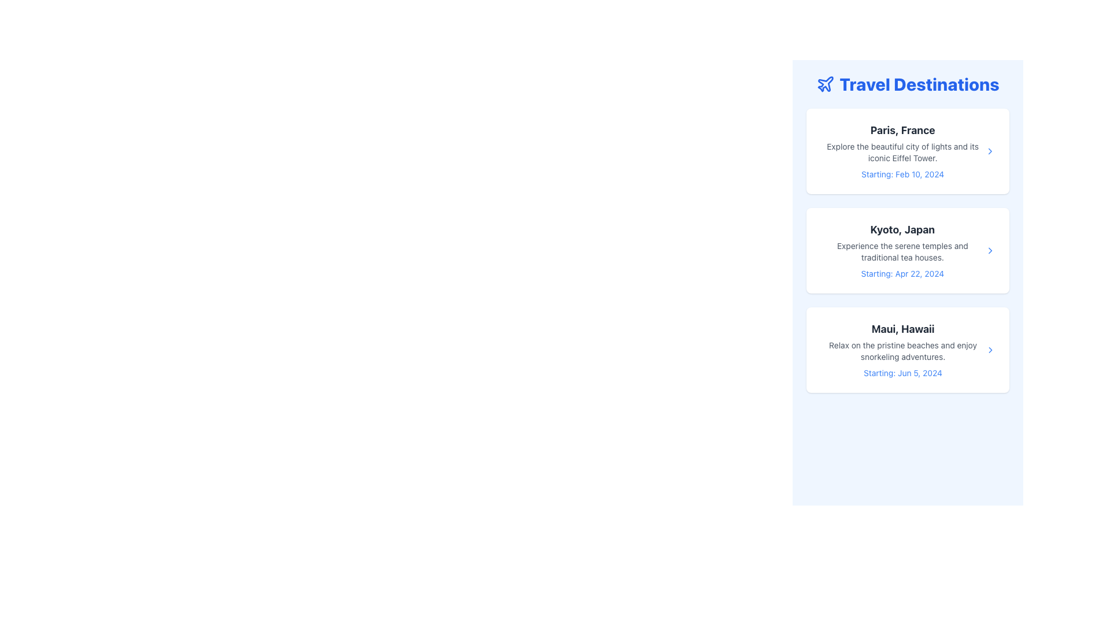 The width and height of the screenshot is (1110, 624). I want to click on the main header text that indicates the destination name for the associated travel information, which is positioned at the top of the rectangular card layout, so click(902, 329).